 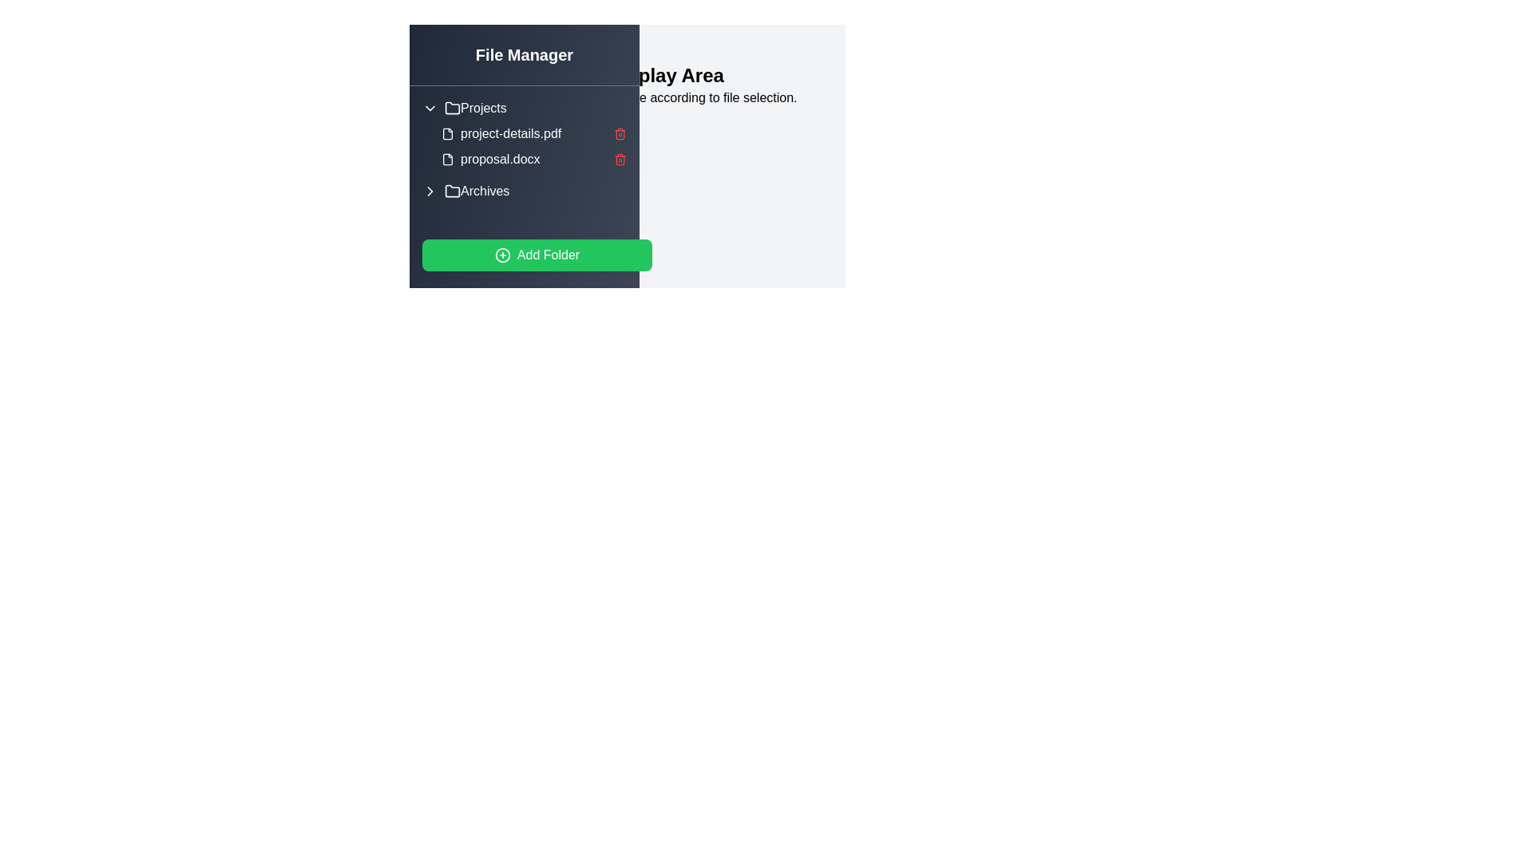 I want to click on the second trash icon in the 'File Manager' sidebar, so click(x=620, y=160).